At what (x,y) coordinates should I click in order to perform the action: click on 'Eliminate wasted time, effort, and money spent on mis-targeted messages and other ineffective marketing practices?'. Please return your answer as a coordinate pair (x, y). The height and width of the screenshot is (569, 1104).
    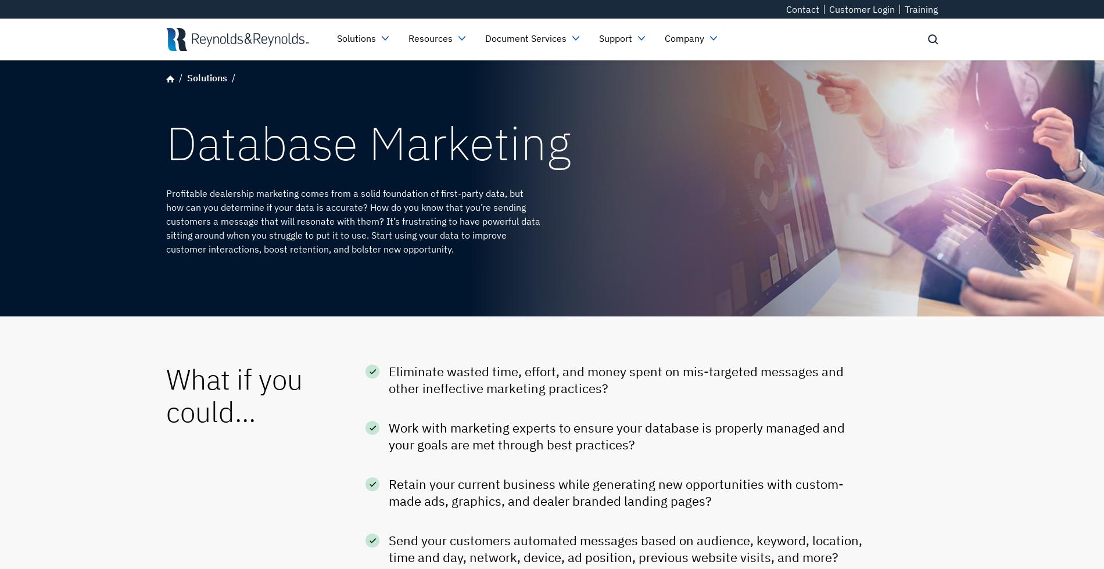
    Looking at the image, I should click on (616, 379).